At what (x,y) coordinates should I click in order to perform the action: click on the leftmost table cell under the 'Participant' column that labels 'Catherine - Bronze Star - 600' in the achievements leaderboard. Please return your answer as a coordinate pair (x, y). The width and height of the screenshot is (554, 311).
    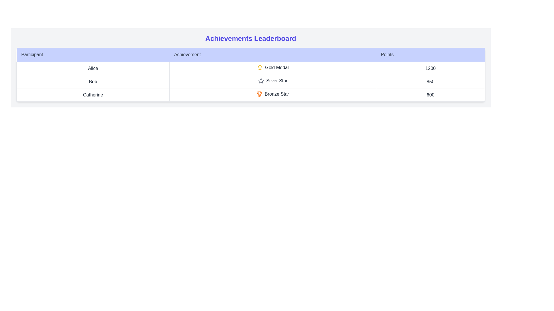
    Looking at the image, I should click on (93, 94).